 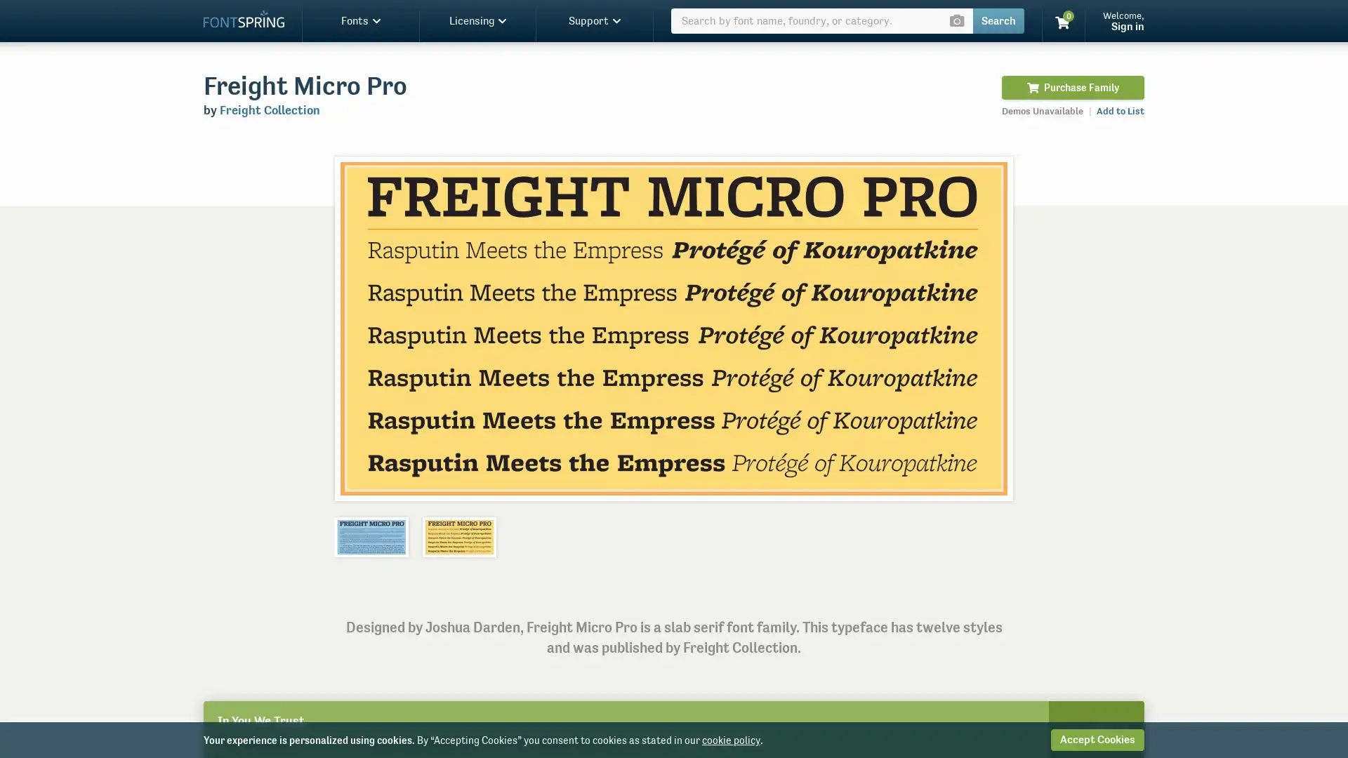 What do you see at coordinates (1097, 739) in the screenshot?
I see `Accept Cookies` at bounding box center [1097, 739].